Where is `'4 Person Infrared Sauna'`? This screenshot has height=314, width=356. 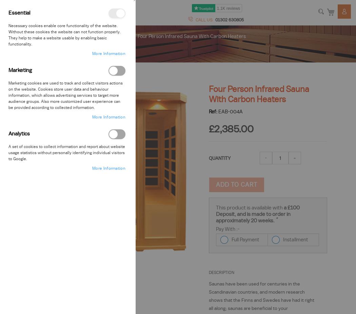 '4 Person Infrared Sauna' is located at coordinates (71, 36).